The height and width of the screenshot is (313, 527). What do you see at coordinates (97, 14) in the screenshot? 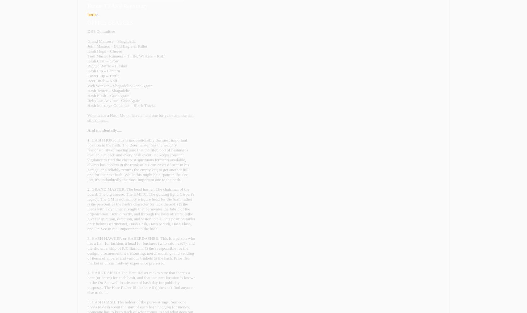
I see `'>.'` at bounding box center [97, 14].